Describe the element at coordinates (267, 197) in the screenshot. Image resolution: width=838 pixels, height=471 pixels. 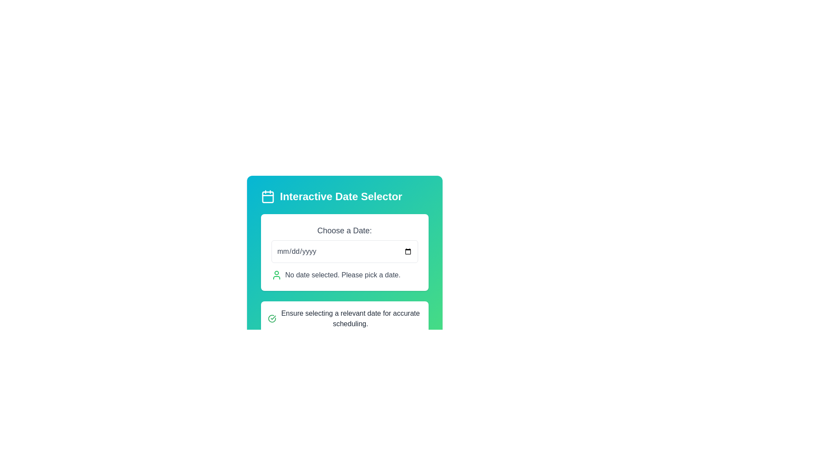
I see `the calendar icon which features a minimalistic design with a blue-green gradient background, located to the left of the 'Interactive Date Selector' text` at that location.